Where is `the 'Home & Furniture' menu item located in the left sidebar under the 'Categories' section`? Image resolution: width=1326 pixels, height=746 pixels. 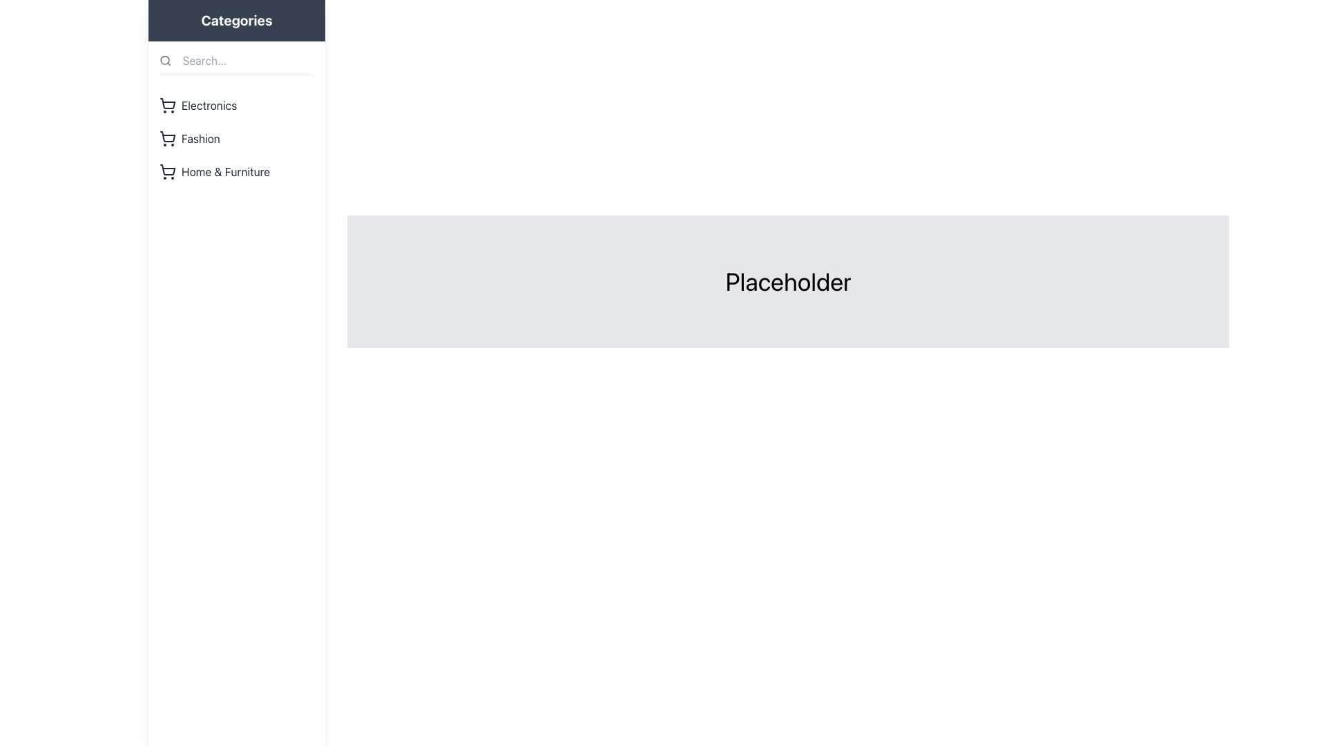
the 'Home & Furniture' menu item located in the left sidebar under the 'Categories' section is located at coordinates (225, 171).